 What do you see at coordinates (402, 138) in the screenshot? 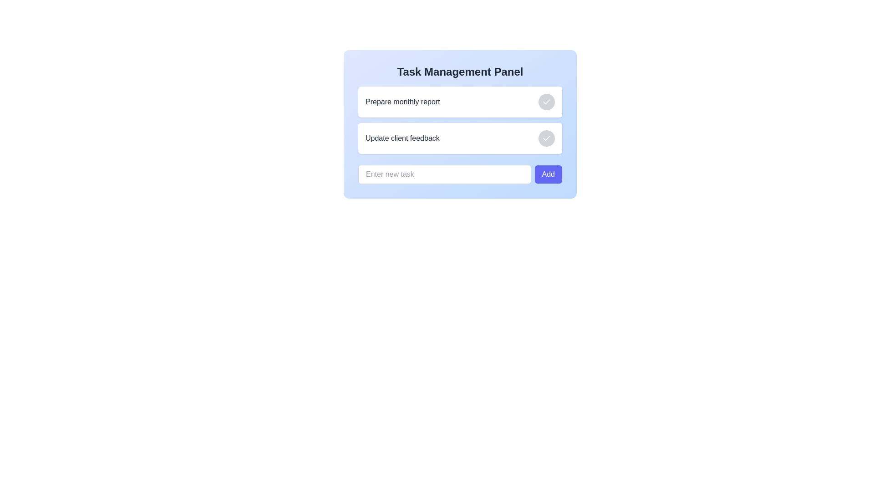
I see `the text label 'Update client feedback' located within the task management interface, which is positioned to the left of a circular button with a checkmark icon` at bounding box center [402, 138].